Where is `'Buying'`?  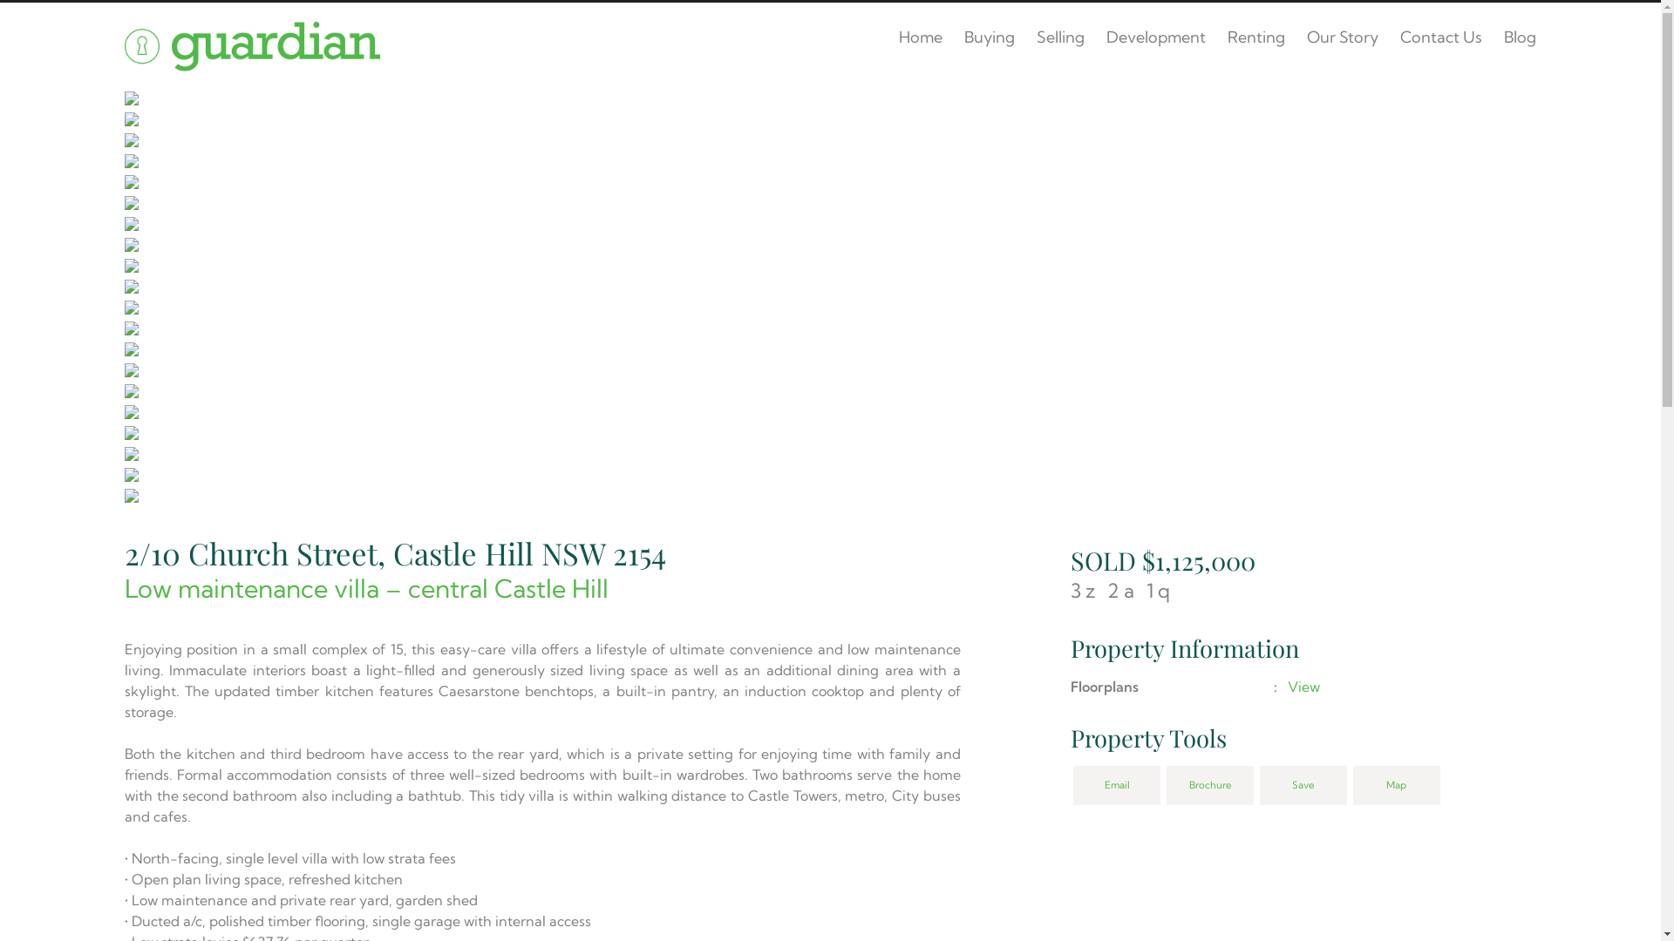 'Buying' is located at coordinates (989, 37).